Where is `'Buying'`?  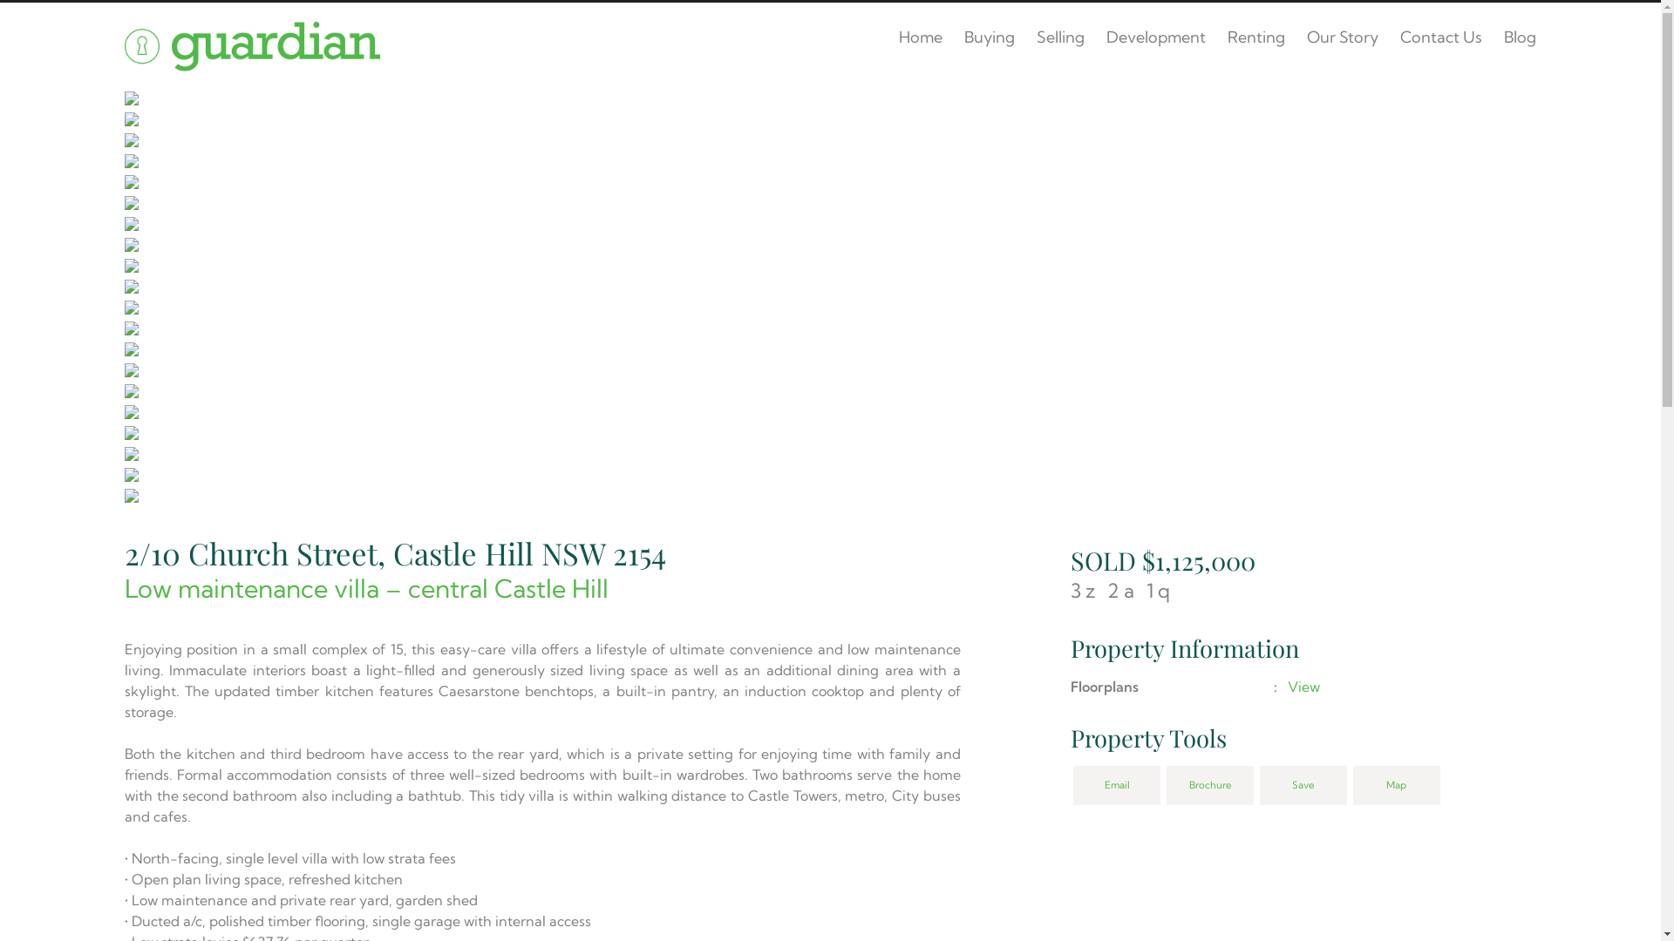 'Buying' is located at coordinates (989, 37).